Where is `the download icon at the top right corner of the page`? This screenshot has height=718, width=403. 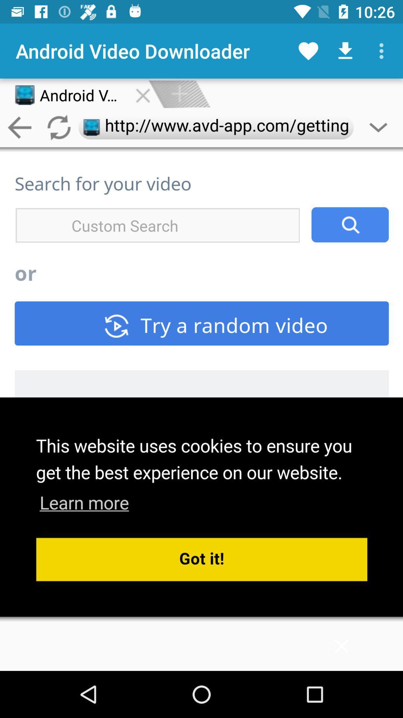
the download icon at the top right corner of the page is located at coordinates (345, 51).